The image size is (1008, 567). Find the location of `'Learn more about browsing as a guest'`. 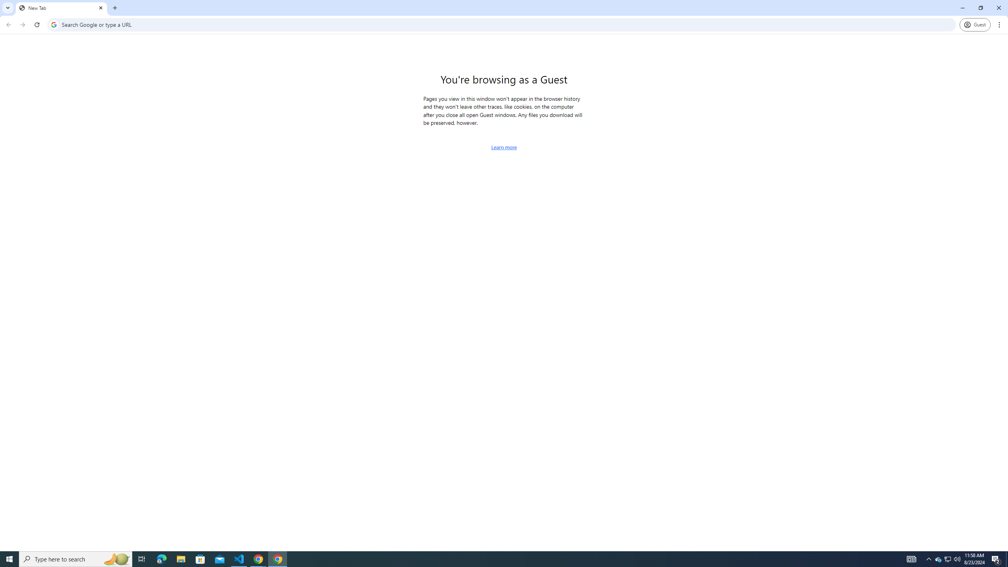

'Learn more about browsing as a guest' is located at coordinates (504, 146).